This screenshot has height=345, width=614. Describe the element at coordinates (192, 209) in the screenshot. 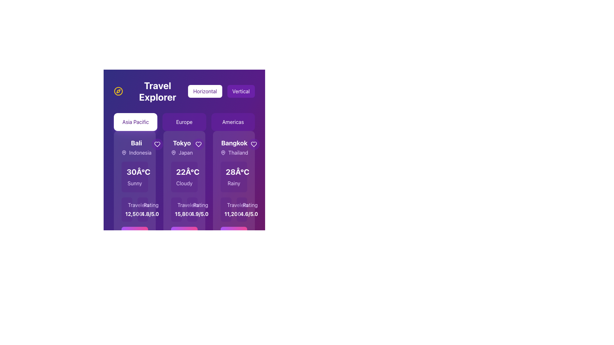

I see `text content of the Information label displaying the rating for Tokyo, located in the second column below the 'Tokyo' entry` at that location.